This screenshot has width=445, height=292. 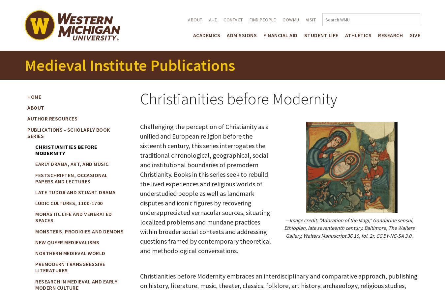 I want to click on 'Late Tudor and Stuart Drama', so click(x=35, y=192).